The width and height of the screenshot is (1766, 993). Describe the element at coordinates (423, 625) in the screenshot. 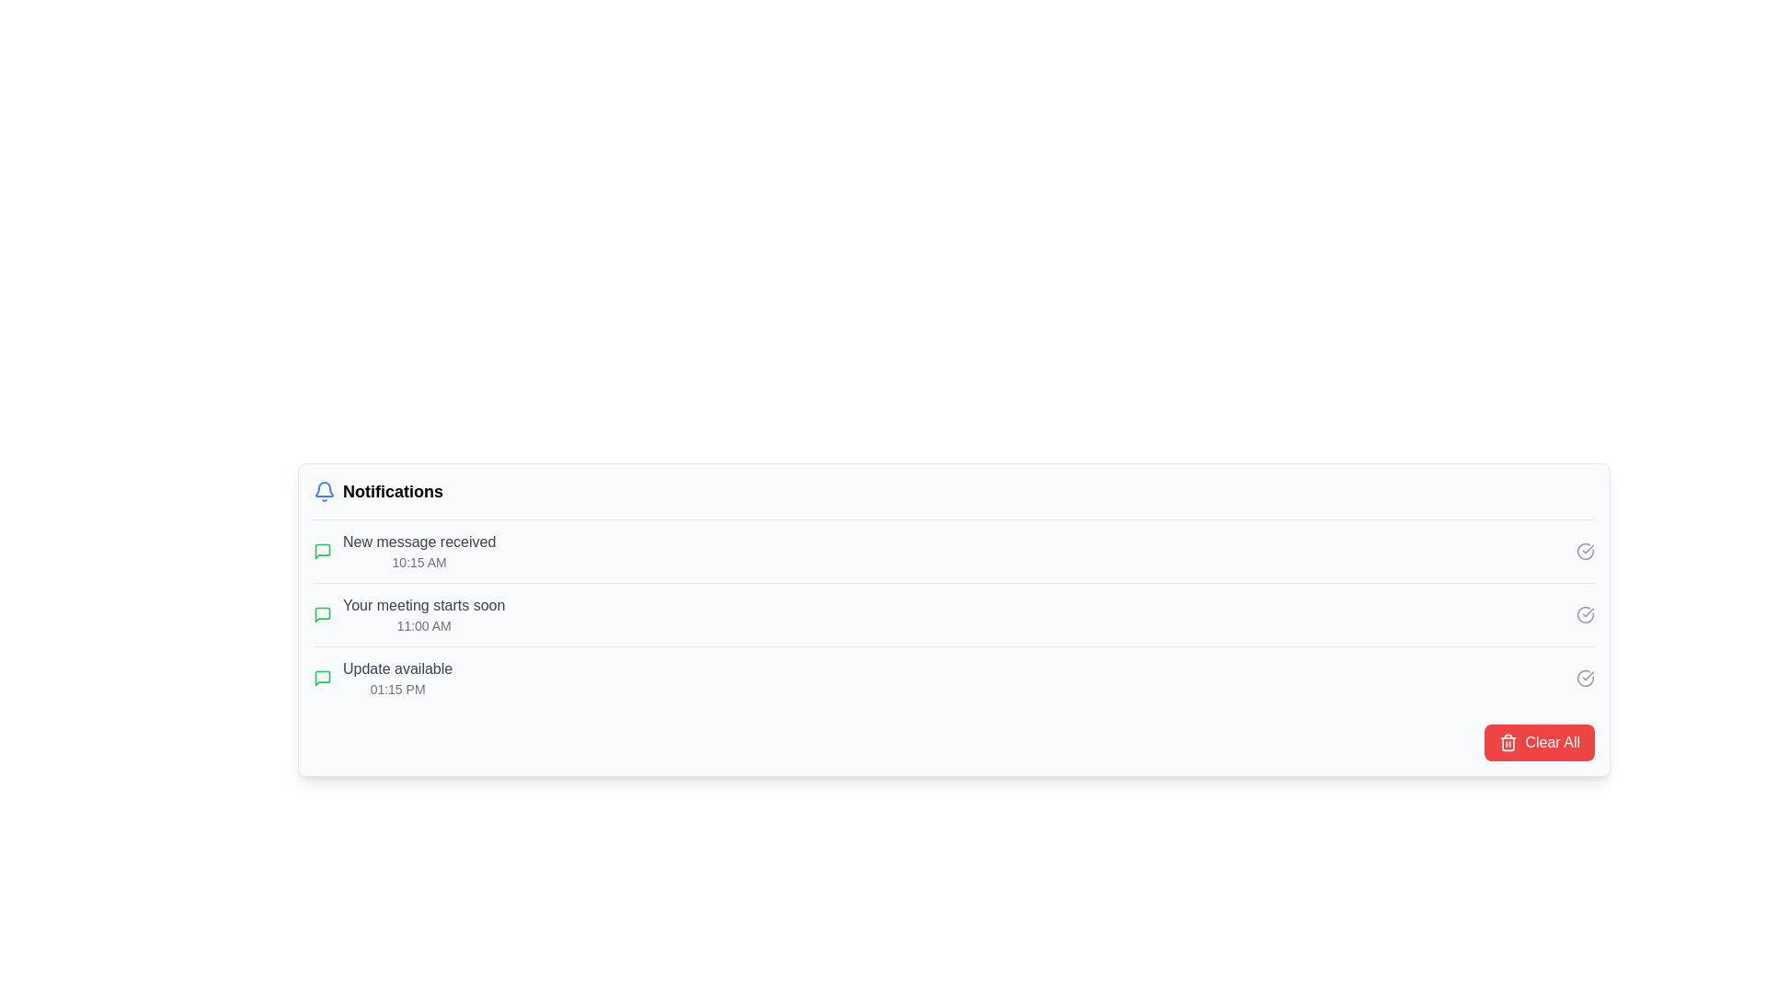

I see `the informative text label displaying the time '11:00 AM', which is positioned below the main detail 'Your meeting starts soon' and is styled in a small gray font` at that location.